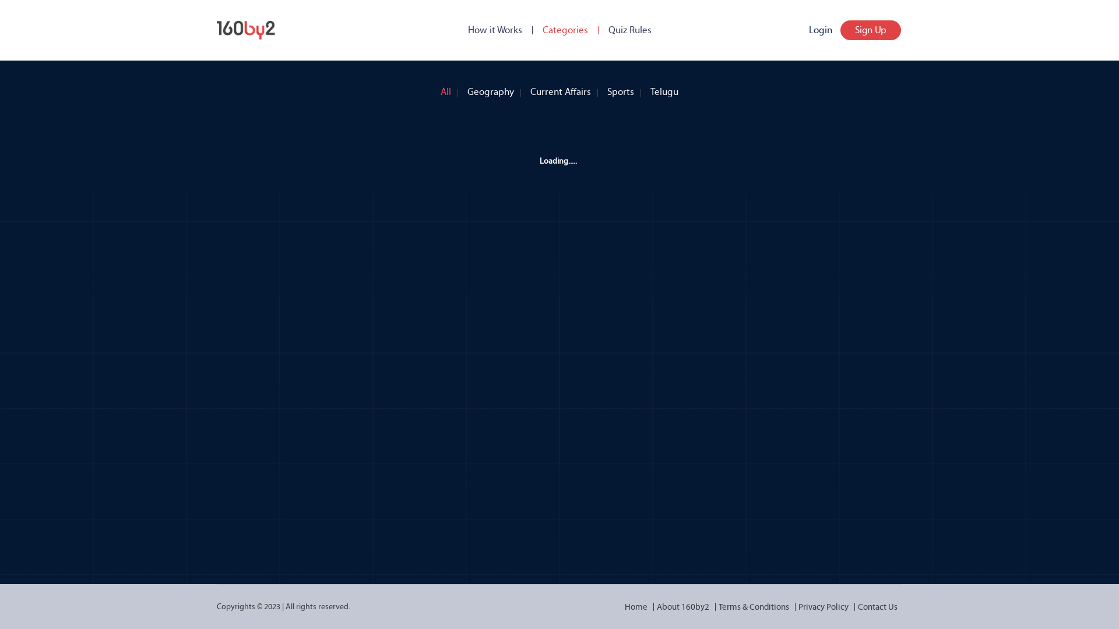  I want to click on 'Sports', so click(620, 89).